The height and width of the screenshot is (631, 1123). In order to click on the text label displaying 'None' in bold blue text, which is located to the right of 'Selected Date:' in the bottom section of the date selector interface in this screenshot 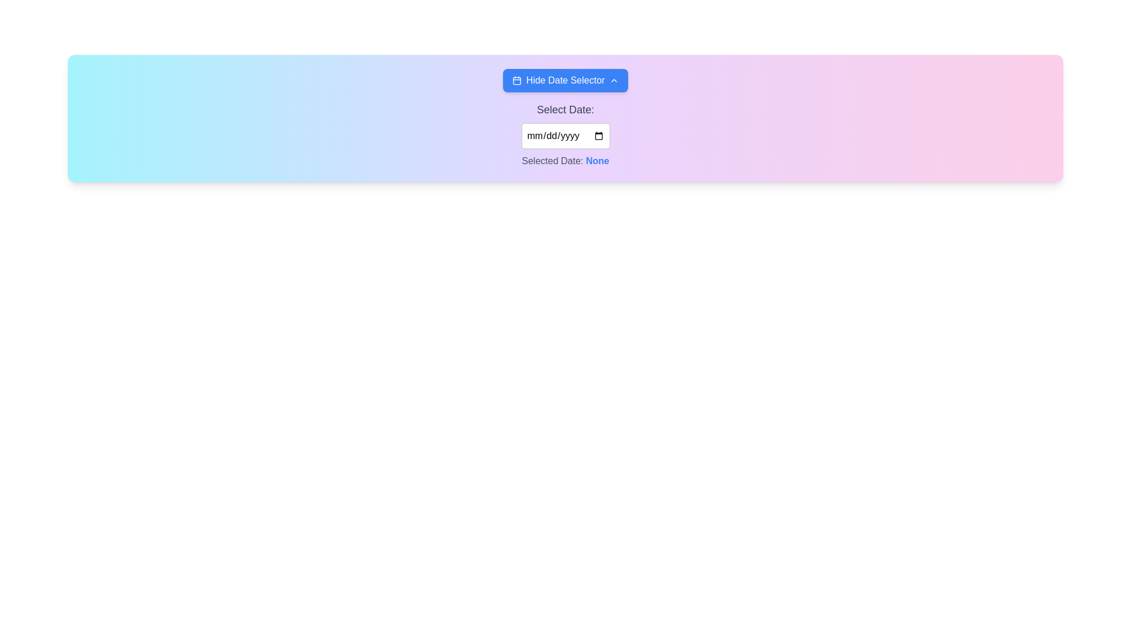, I will do `click(597, 161)`.